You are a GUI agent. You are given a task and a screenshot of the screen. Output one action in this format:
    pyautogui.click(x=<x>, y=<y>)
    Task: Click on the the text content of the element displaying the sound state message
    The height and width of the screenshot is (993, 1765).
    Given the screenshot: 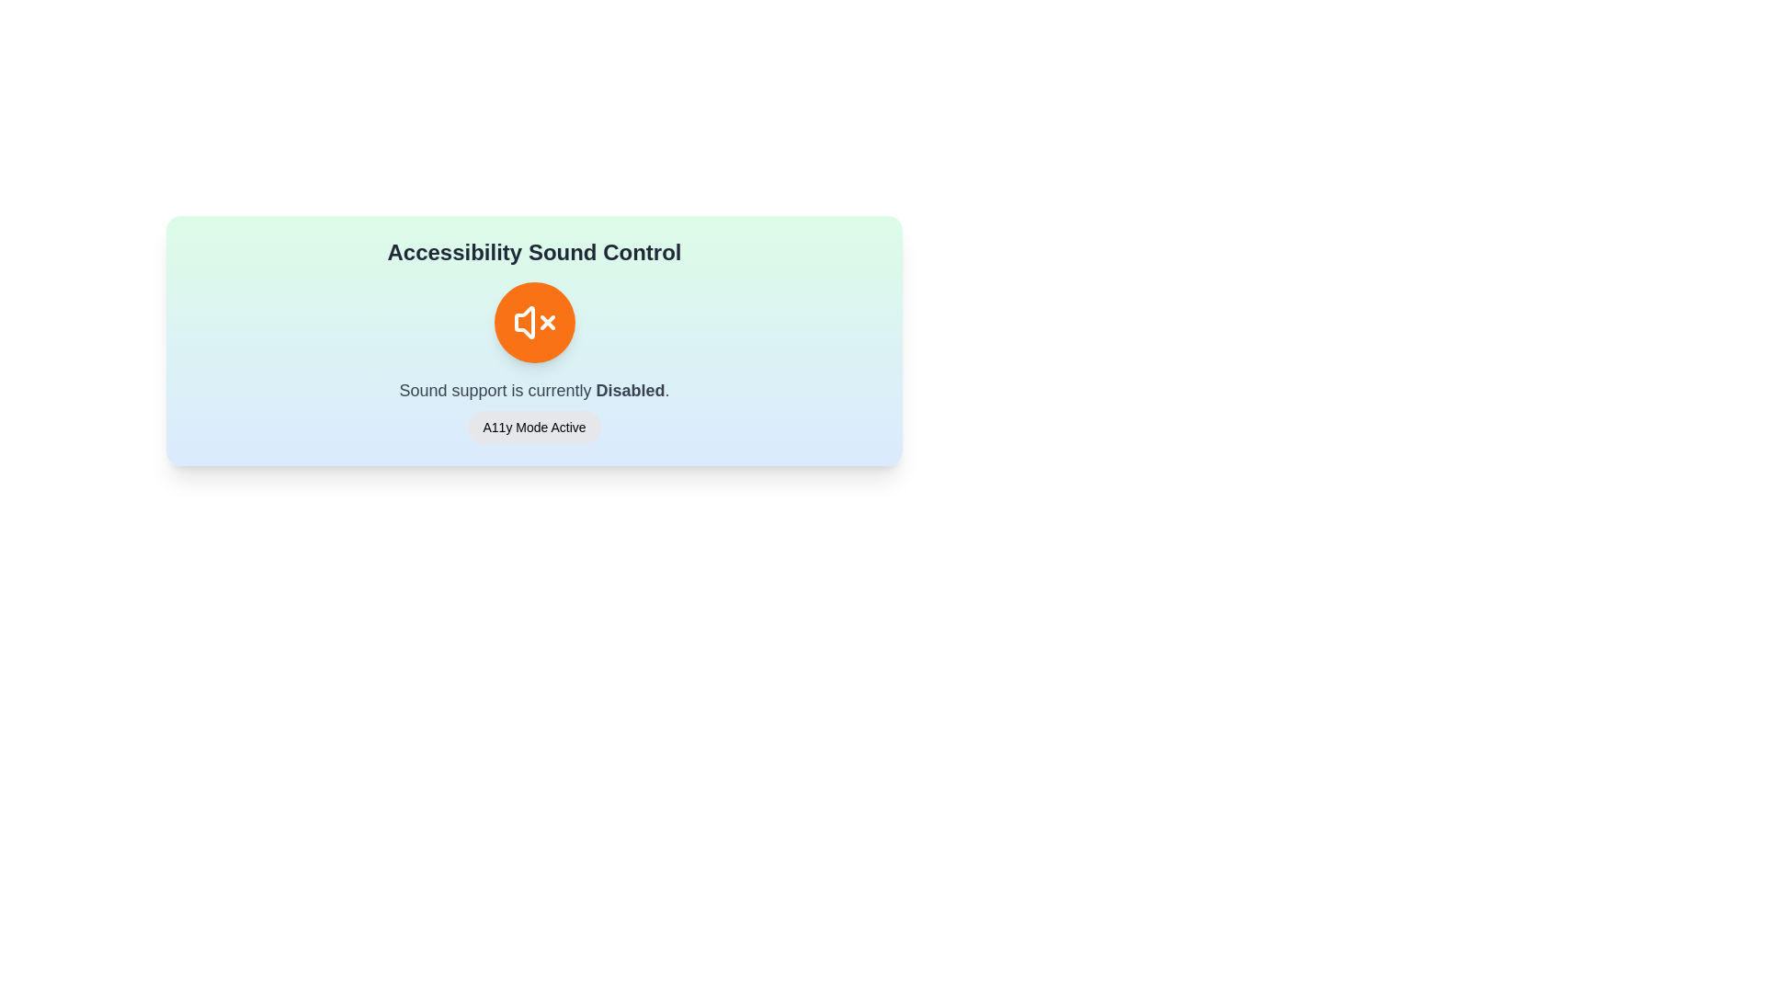 What is the action you would take?
    pyautogui.click(x=533, y=389)
    